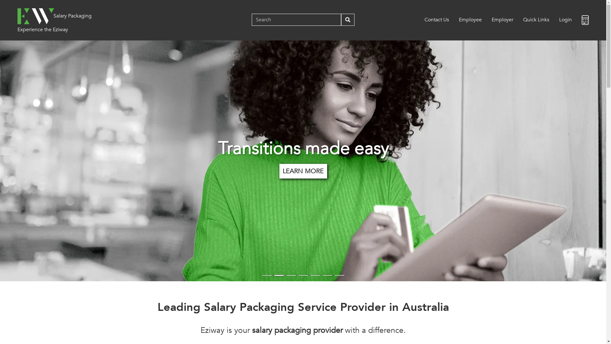  What do you see at coordinates (565, 19) in the screenshot?
I see `'Login'` at bounding box center [565, 19].